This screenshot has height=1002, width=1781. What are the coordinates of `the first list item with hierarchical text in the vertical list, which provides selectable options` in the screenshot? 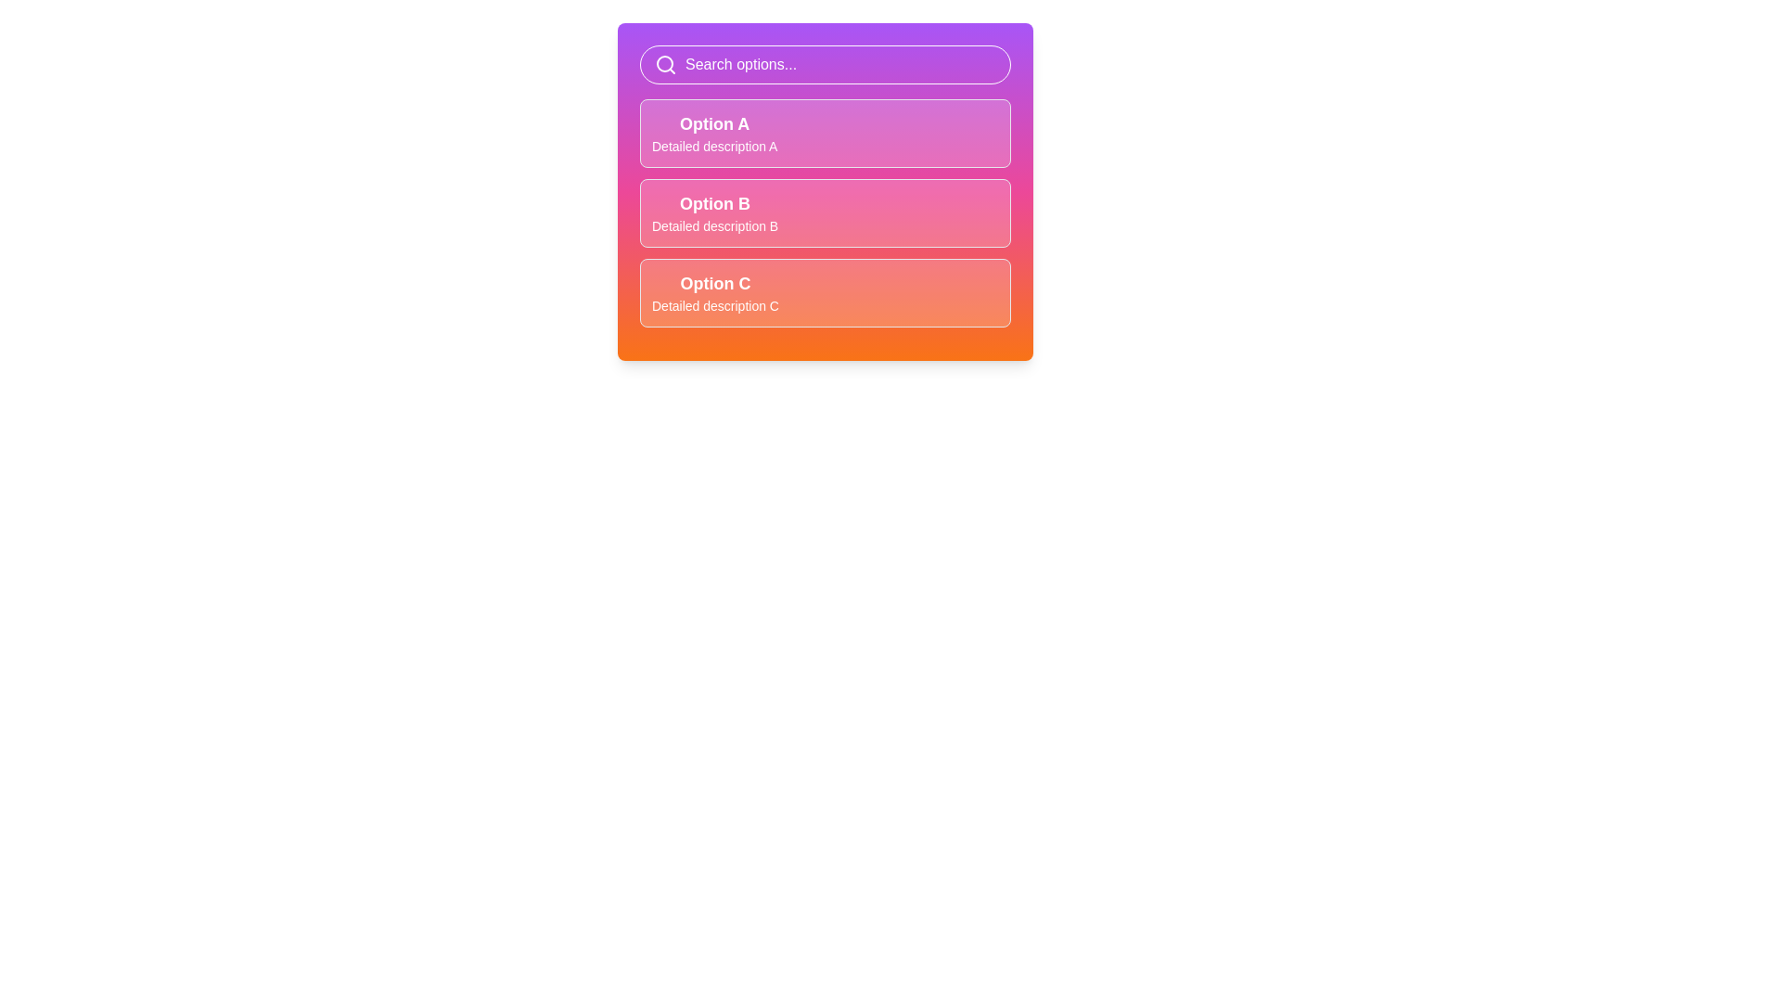 It's located at (713, 132).